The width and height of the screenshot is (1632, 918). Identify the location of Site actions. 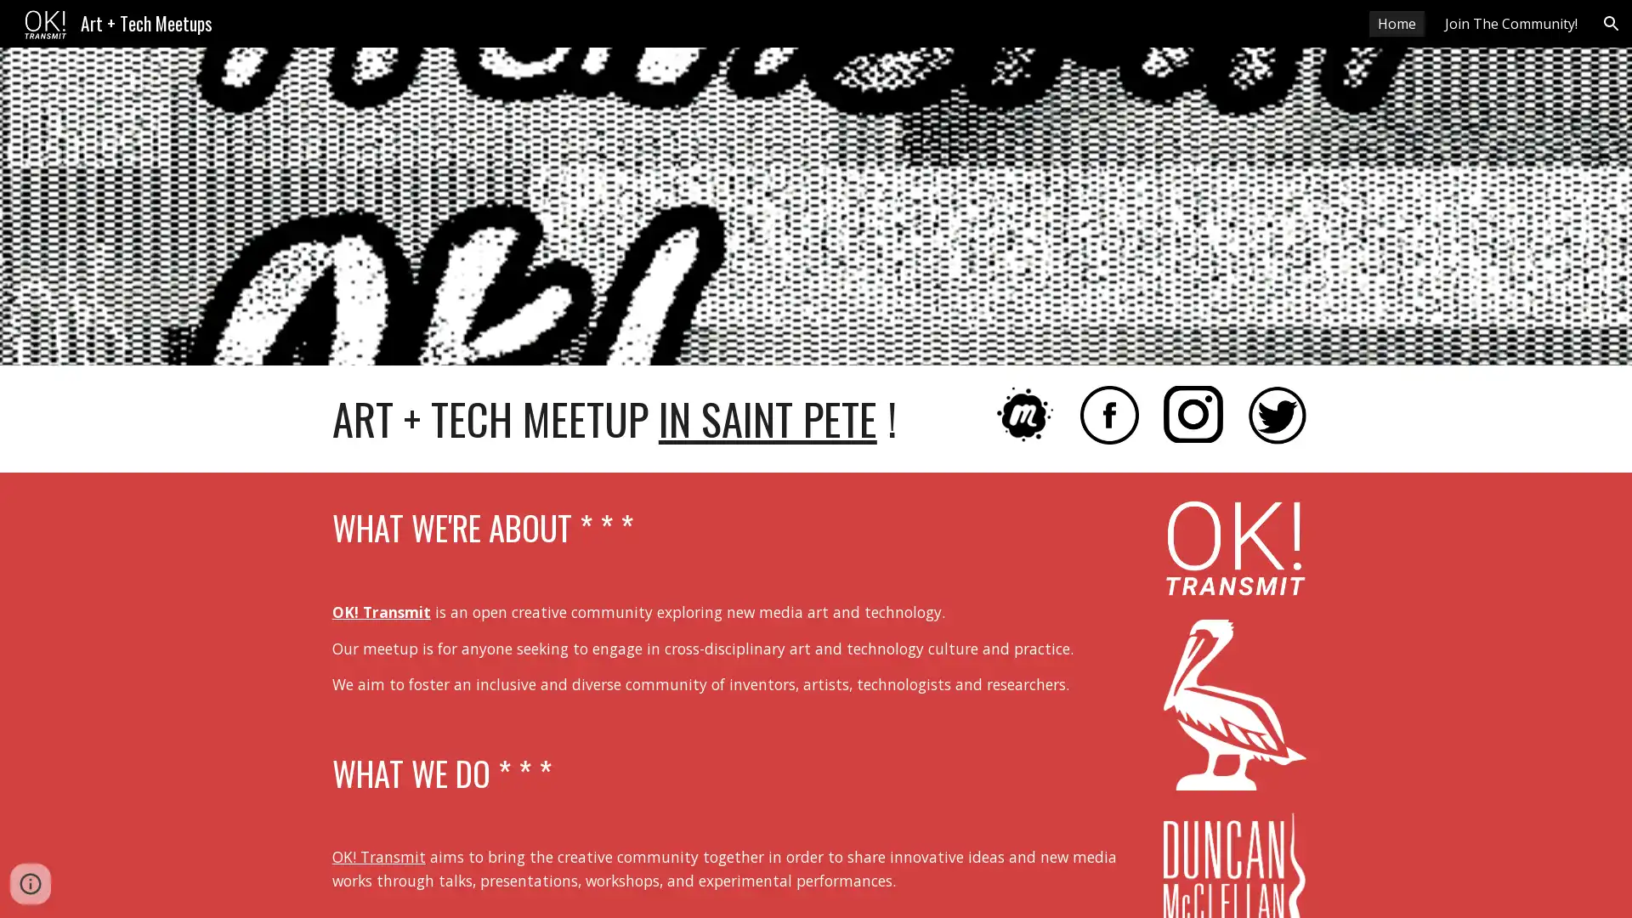
(30, 887).